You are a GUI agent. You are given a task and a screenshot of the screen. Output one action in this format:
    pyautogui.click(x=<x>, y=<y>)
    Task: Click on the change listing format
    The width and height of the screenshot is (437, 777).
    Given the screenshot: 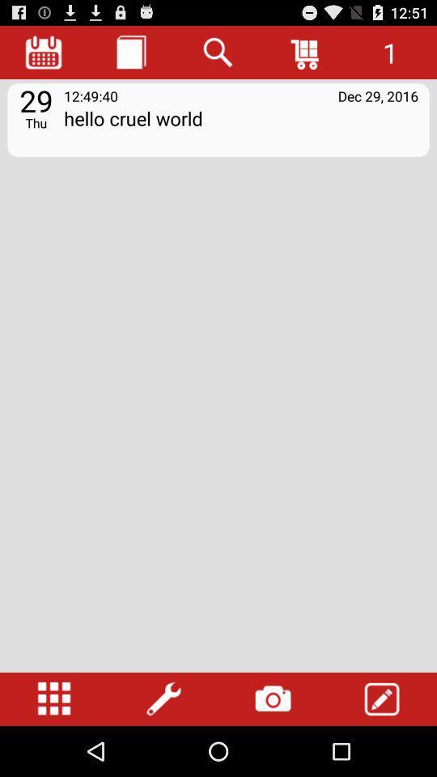 What is the action you would take?
    pyautogui.click(x=54, y=698)
    